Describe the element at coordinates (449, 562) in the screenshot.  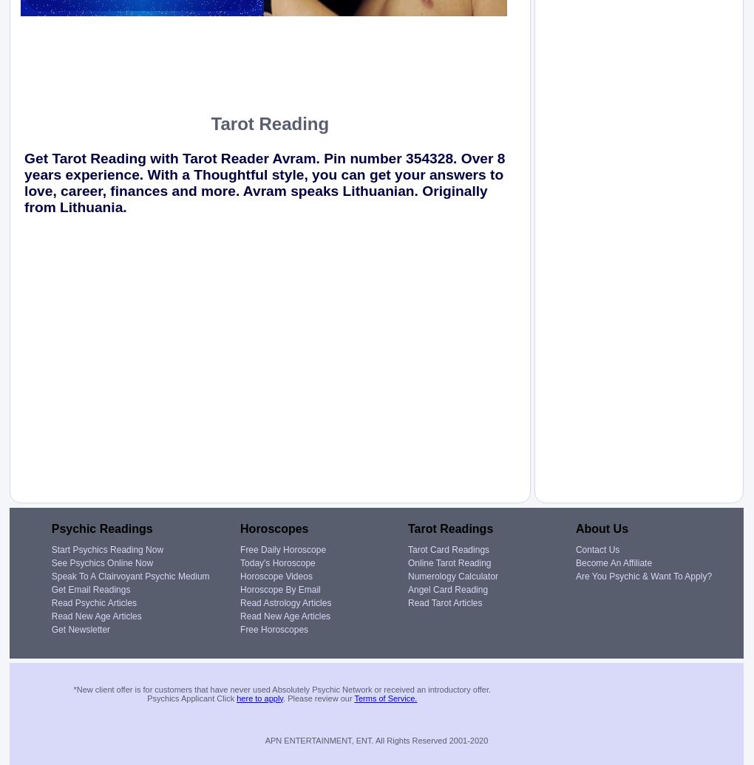
I see `'Online Tarot Reading'` at that location.